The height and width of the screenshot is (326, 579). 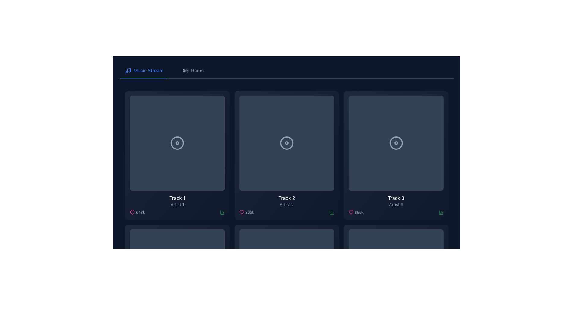 What do you see at coordinates (441, 212) in the screenshot?
I see `the small green column chart icon with animated pulse effect, located next to the number '896k' in the flex arrangement under 'Track 3' and 'Artist 3'` at bounding box center [441, 212].